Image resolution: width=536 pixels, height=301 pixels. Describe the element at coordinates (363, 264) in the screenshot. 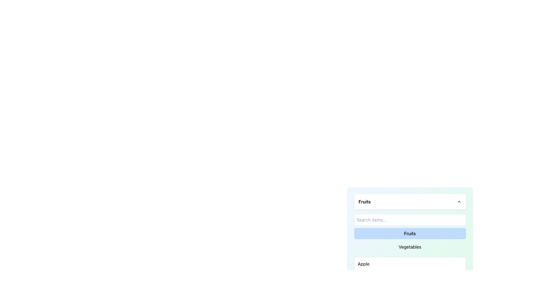

I see `the 'Apple' text label located` at that location.